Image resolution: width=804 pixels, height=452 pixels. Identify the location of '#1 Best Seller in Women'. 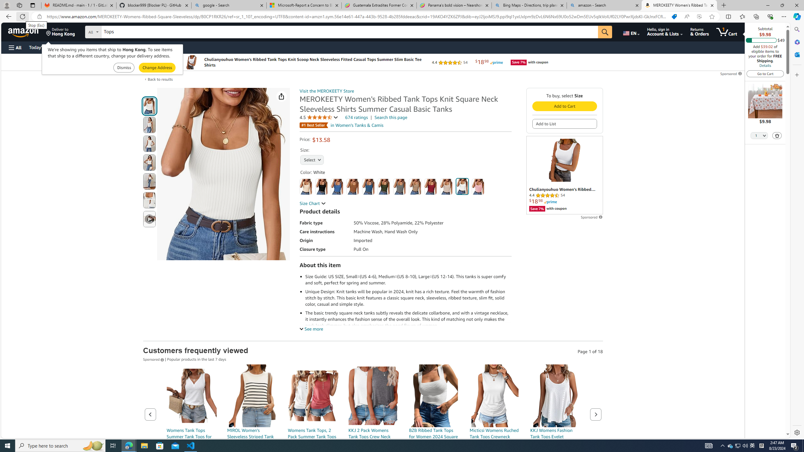
(342, 125).